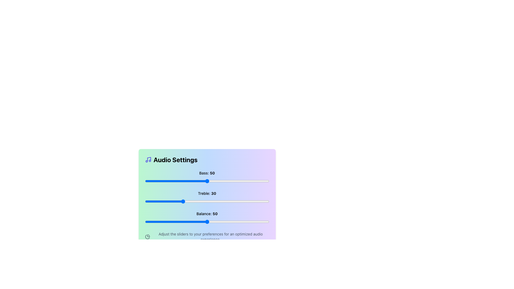 This screenshot has height=289, width=514. What do you see at coordinates (236, 201) in the screenshot?
I see `the treble level` at bounding box center [236, 201].